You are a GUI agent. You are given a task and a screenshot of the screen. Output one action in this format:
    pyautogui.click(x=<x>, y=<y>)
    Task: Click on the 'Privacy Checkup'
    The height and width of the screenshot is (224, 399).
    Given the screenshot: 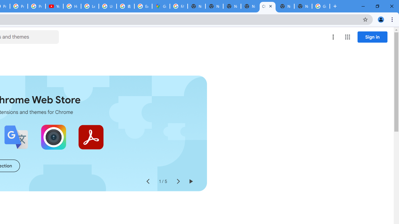 What is the action you would take?
    pyautogui.click(x=19, y=6)
    